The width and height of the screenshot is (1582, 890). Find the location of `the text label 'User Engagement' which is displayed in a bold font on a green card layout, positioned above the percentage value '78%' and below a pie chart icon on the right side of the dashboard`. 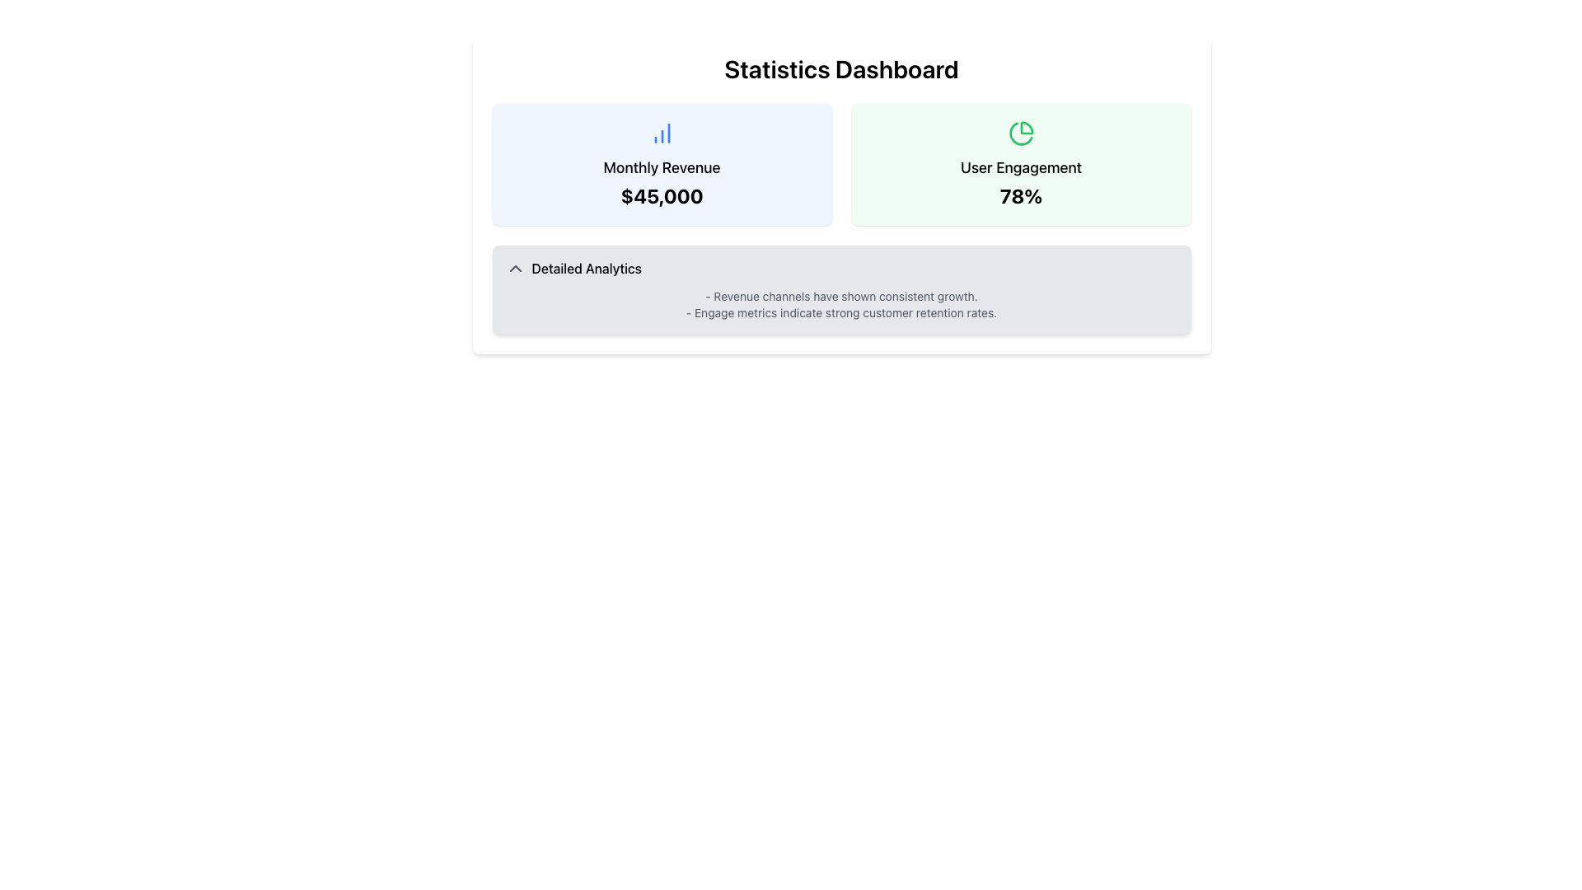

the text label 'User Engagement' which is displayed in a bold font on a green card layout, positioned above the percentage value '78%' and below a pie chart icon on the right side of the dashboard is located at coordinates (1020, 168).